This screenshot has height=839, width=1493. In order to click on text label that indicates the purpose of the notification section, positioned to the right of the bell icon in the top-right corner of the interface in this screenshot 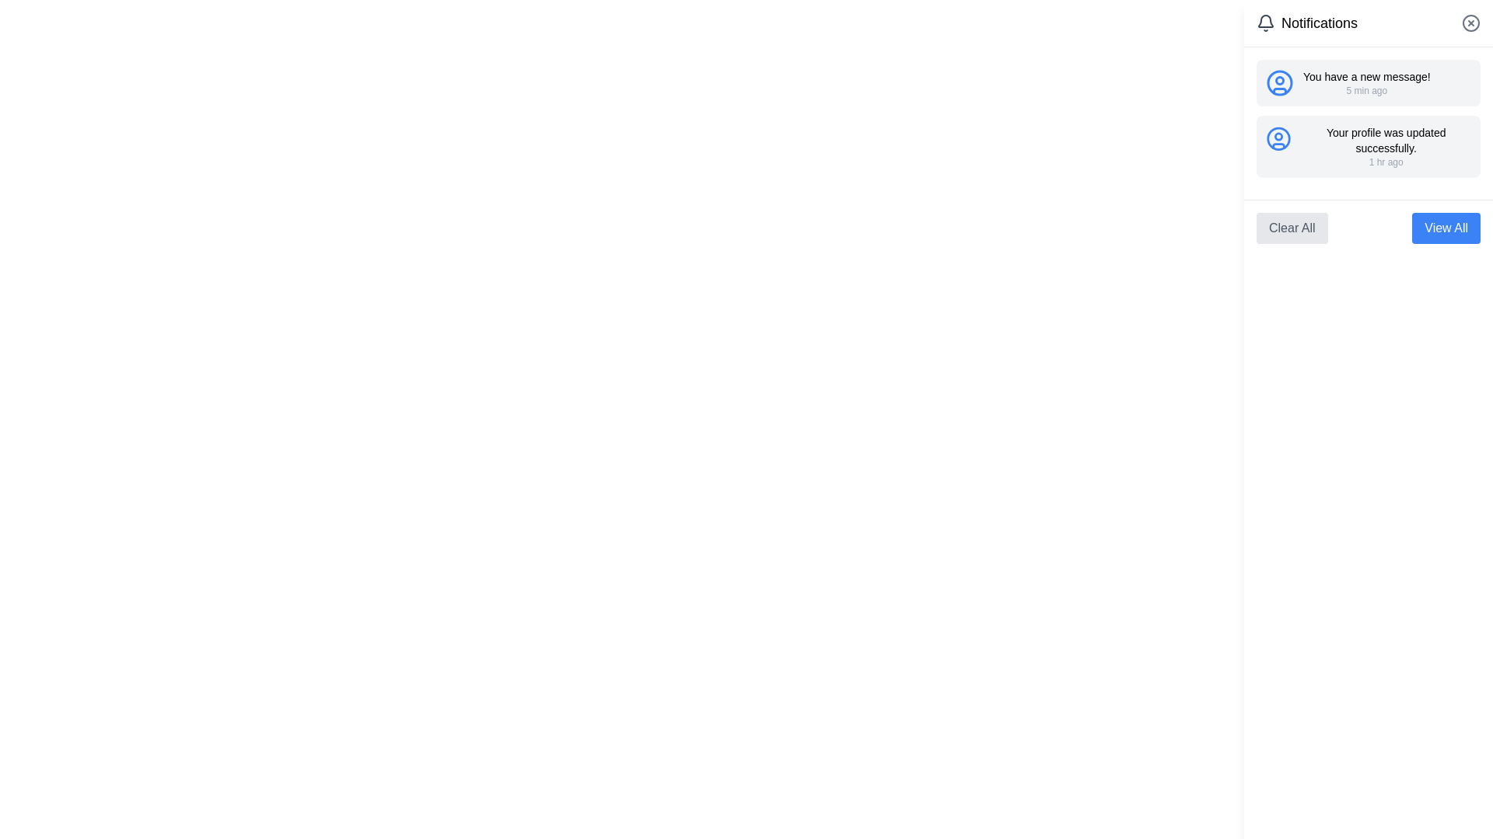, I will do `click(1319, 23)`.